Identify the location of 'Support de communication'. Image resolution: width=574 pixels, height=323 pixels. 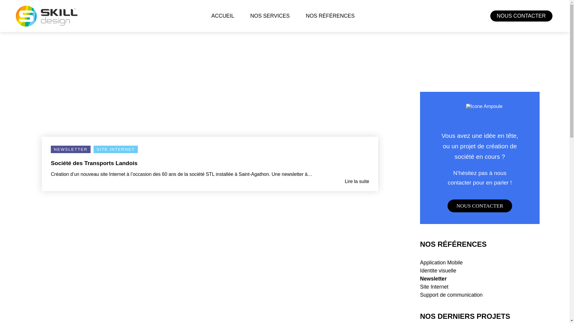
(420, 295).